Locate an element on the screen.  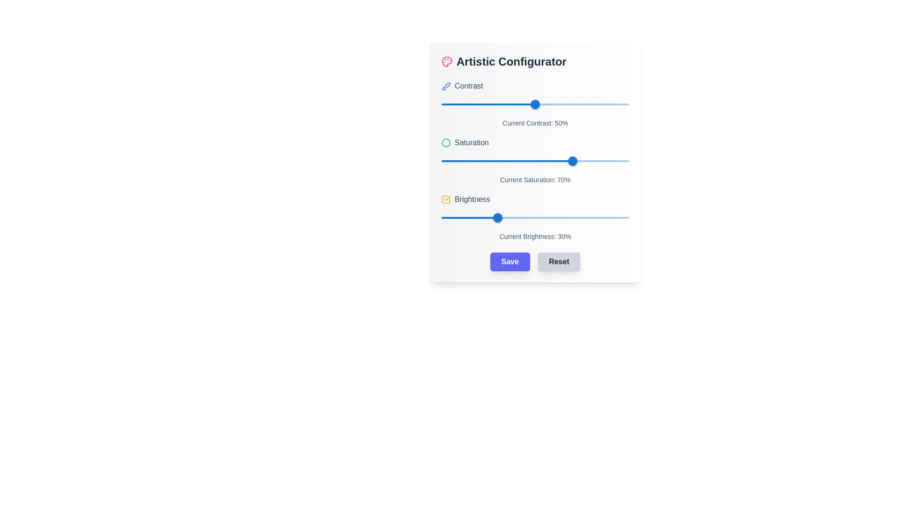
the brightness is located at coordinates (460, 218).